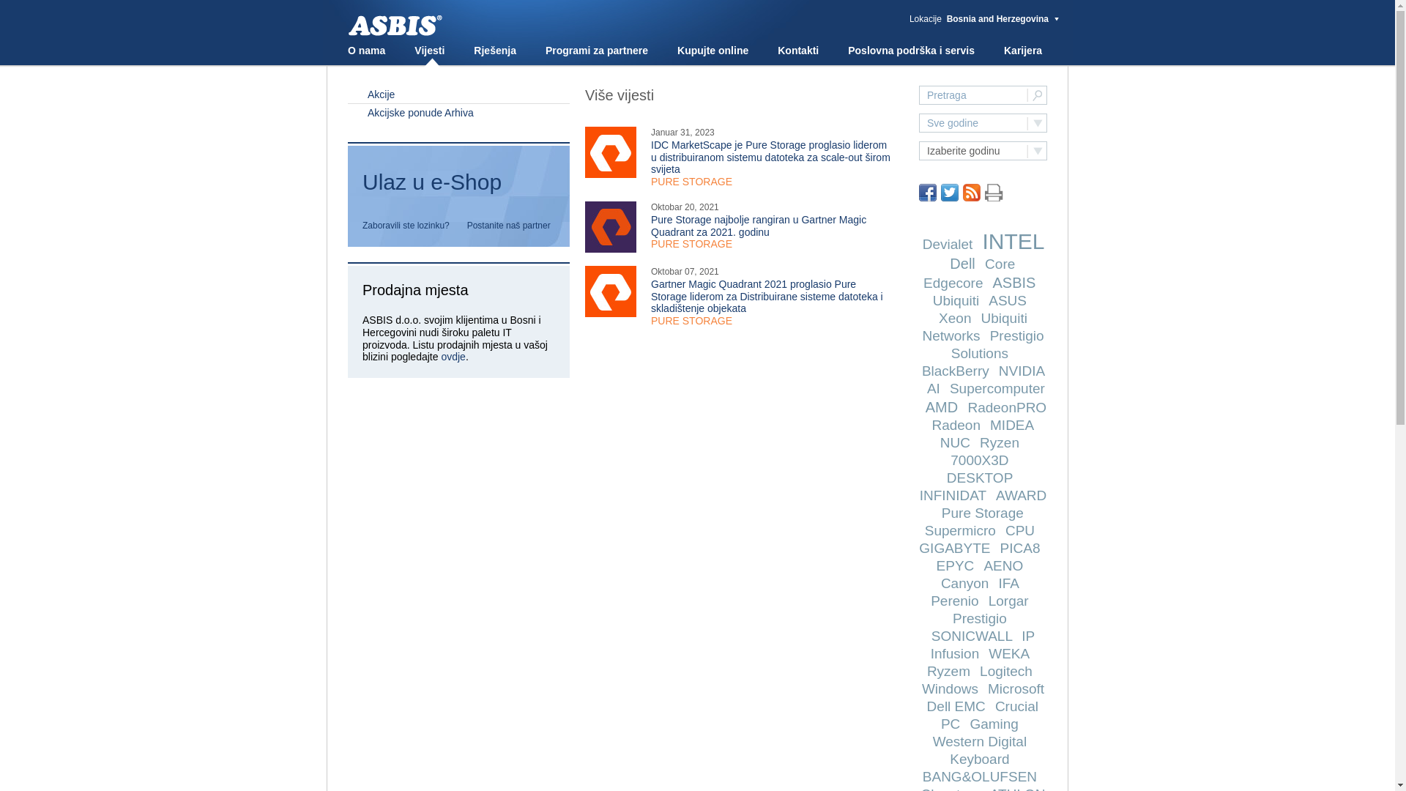 The width and height of the screenshot is (1406, 791). What do you see at coordinates (1011, 240) in the screenshot?
I see `'INTEL'` at bounding box center [1011, 240].